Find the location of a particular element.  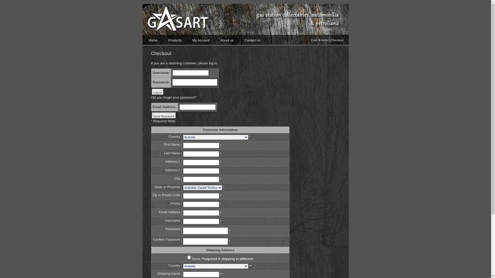

'Checkout' is located at coordinates (331, 40).